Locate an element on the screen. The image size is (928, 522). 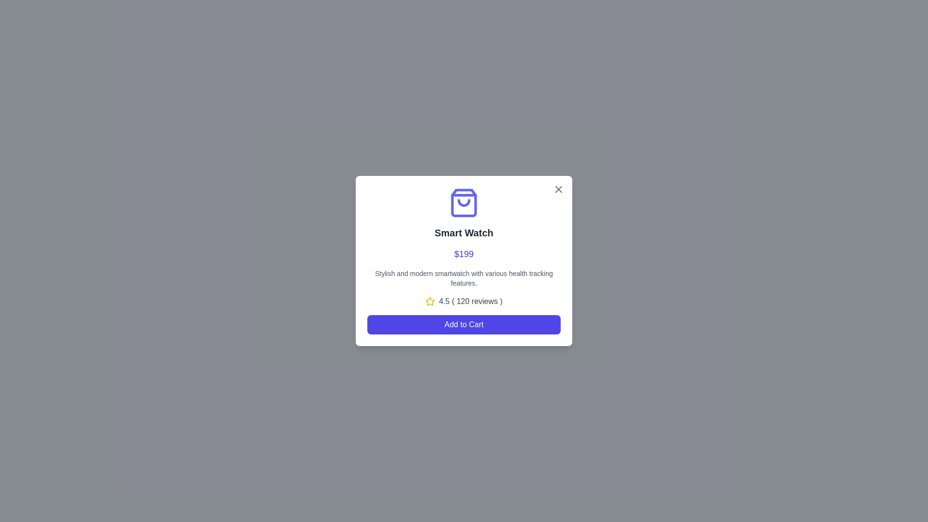
text label displaying 'Smart Watch', which is a bold and large dark gray text centered below the shopping bag icon is located at coordinates (464, 233).